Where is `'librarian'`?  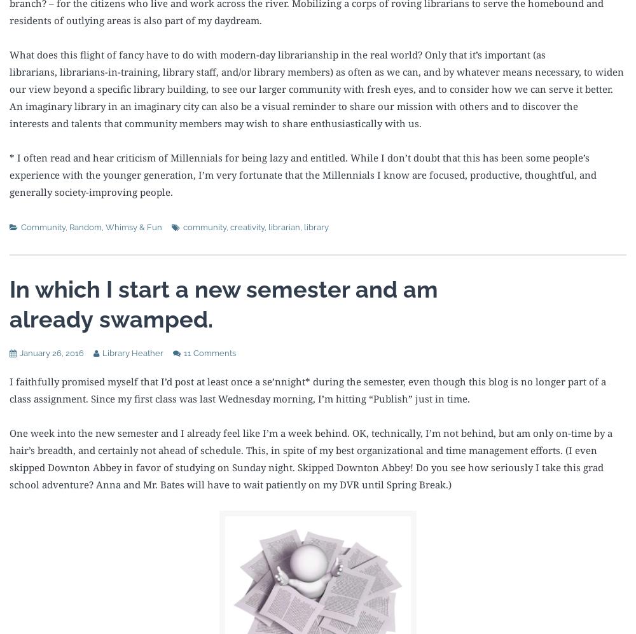 'librarian' is located at coordinates (284, 226).